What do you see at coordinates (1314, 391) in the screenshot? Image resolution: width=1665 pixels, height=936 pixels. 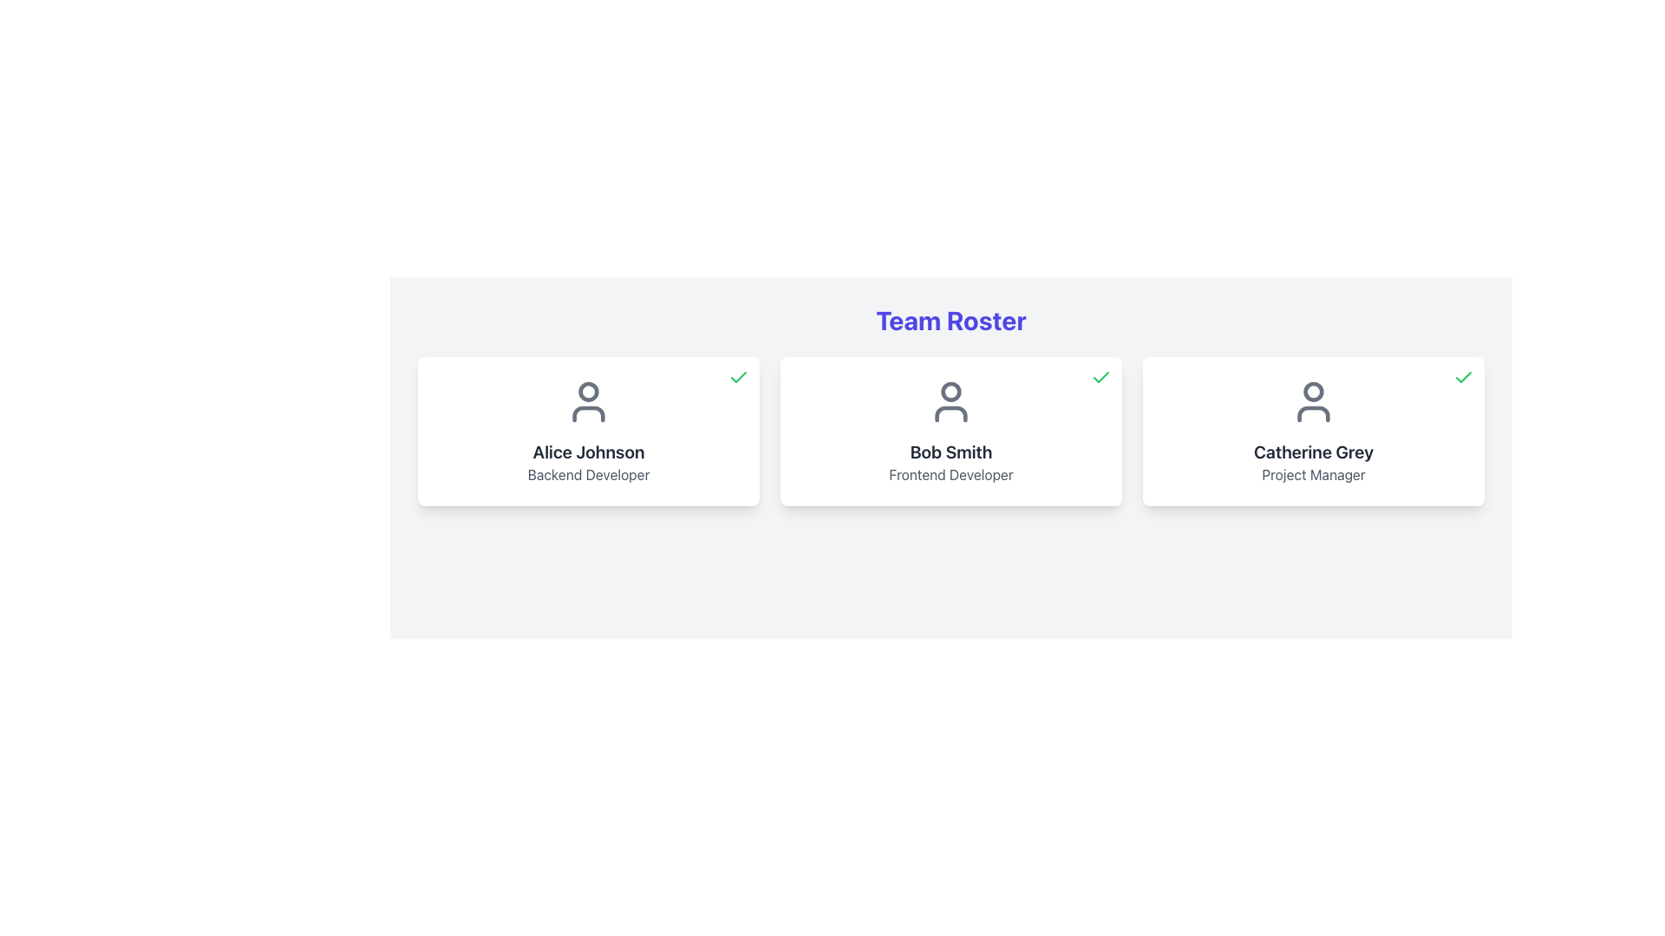 I see `the decorative Circle element of the user profile icon in the 'Catherine Grey' card, which is the third card in the team member row under 'Team Roster'` at bounding box center [1314, 391].